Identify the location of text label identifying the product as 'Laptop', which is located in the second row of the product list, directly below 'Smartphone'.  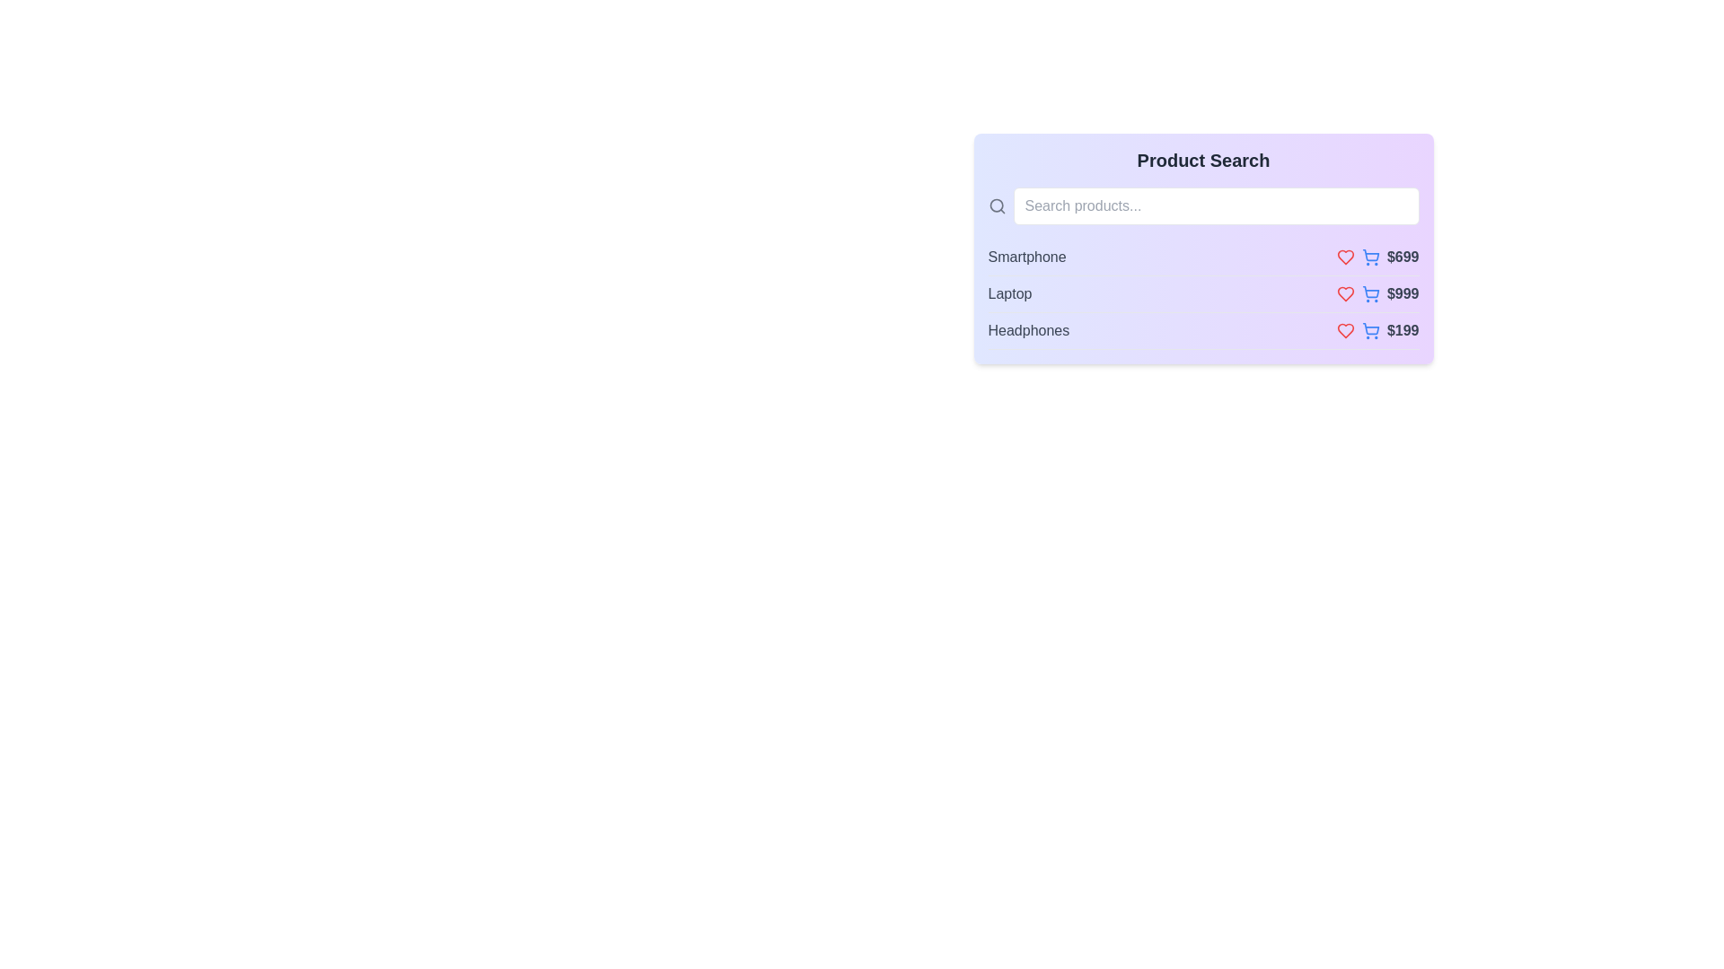
(1009, 292).